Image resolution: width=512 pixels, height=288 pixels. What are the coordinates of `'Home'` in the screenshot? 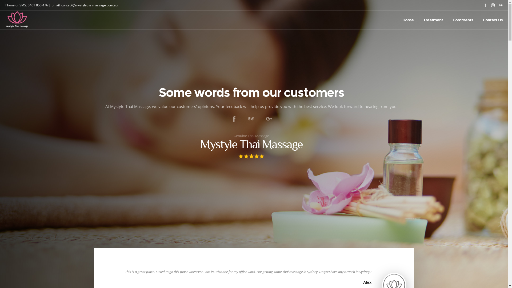 It's located at (408, 19).